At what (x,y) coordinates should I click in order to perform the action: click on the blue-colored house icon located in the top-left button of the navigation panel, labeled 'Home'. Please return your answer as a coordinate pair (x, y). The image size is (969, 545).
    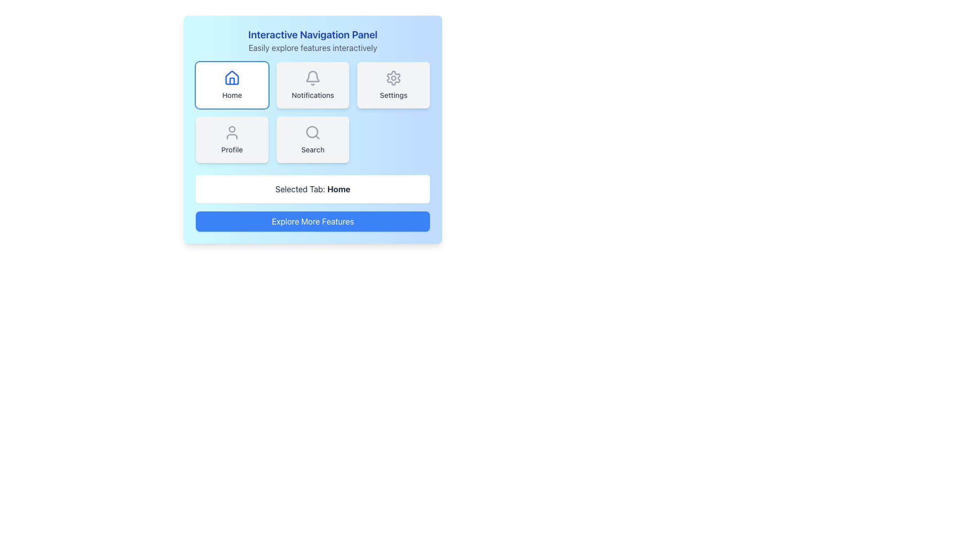
    Looking at the image, I should click on (232, 77).